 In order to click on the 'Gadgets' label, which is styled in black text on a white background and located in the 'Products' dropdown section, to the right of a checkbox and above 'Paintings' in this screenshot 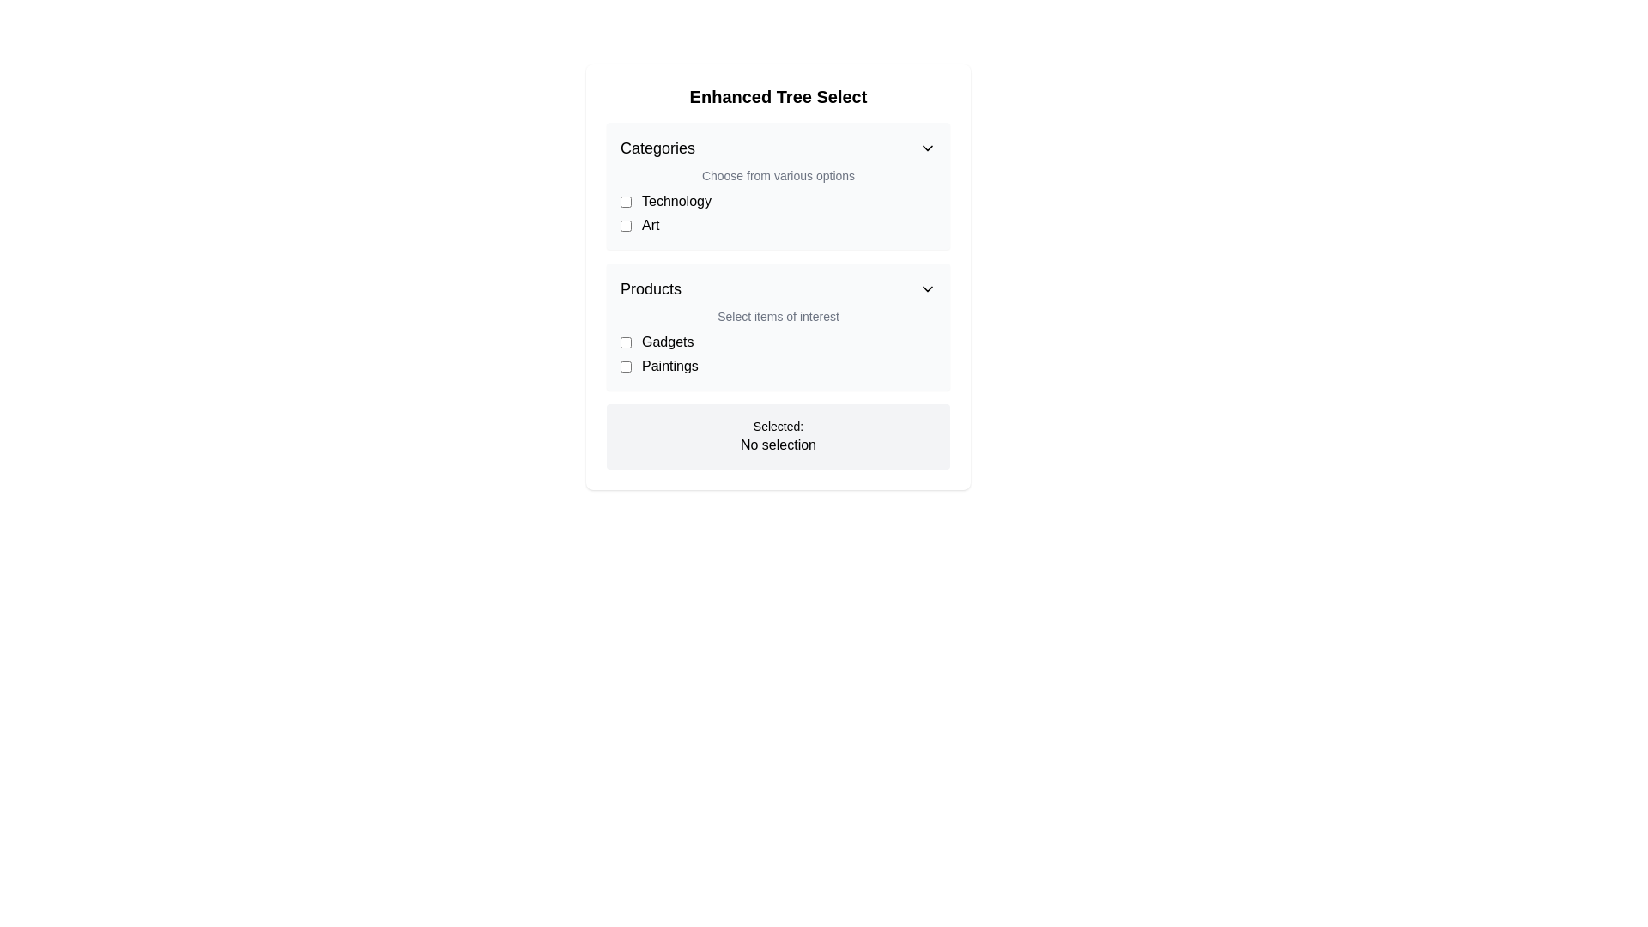, I will do `click(667, 342)`.